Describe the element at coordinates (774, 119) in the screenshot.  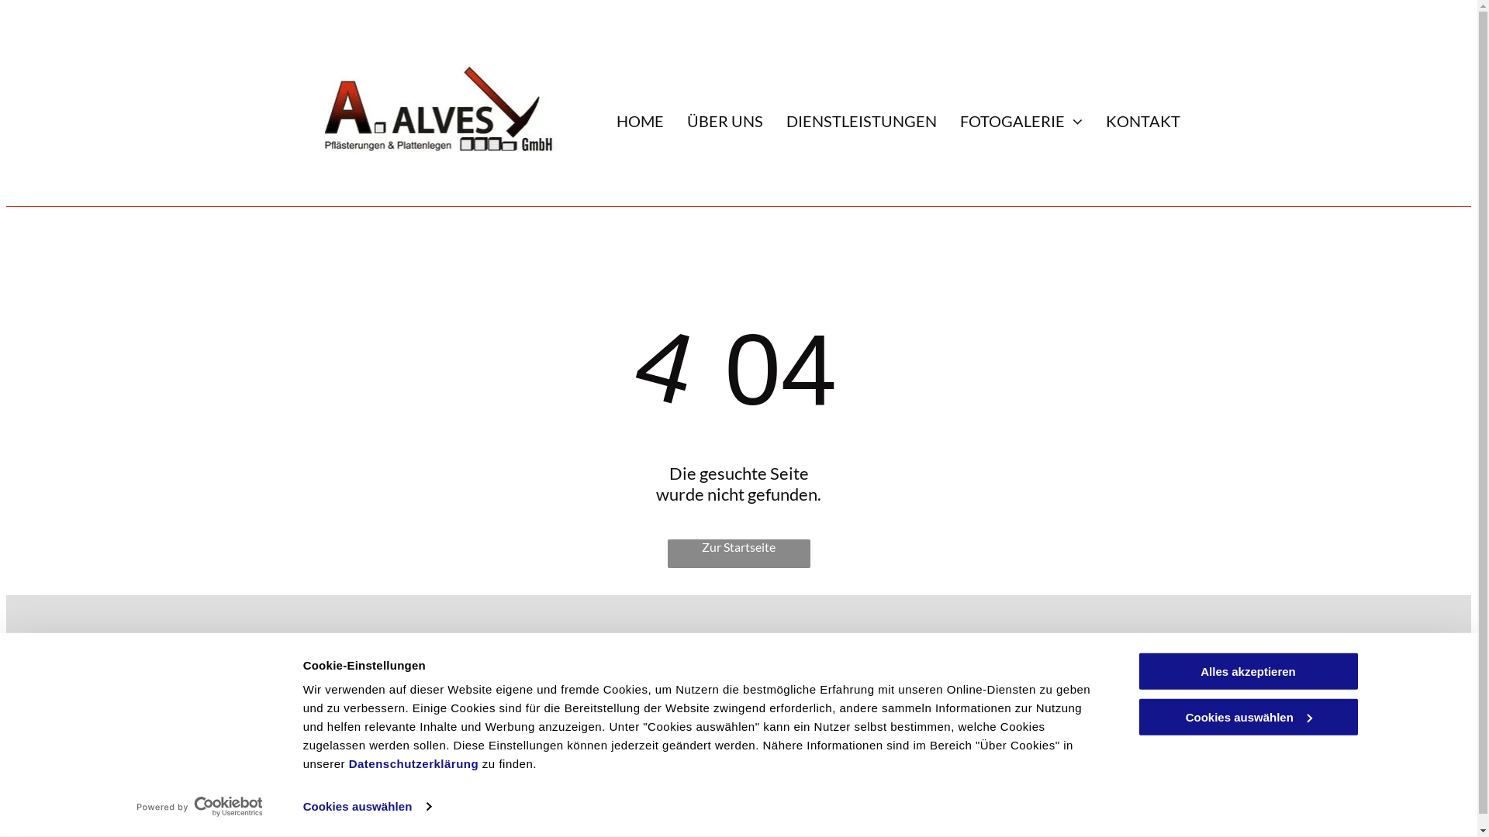
I see `'DIENSTLEISTUNGEN'` at that location.